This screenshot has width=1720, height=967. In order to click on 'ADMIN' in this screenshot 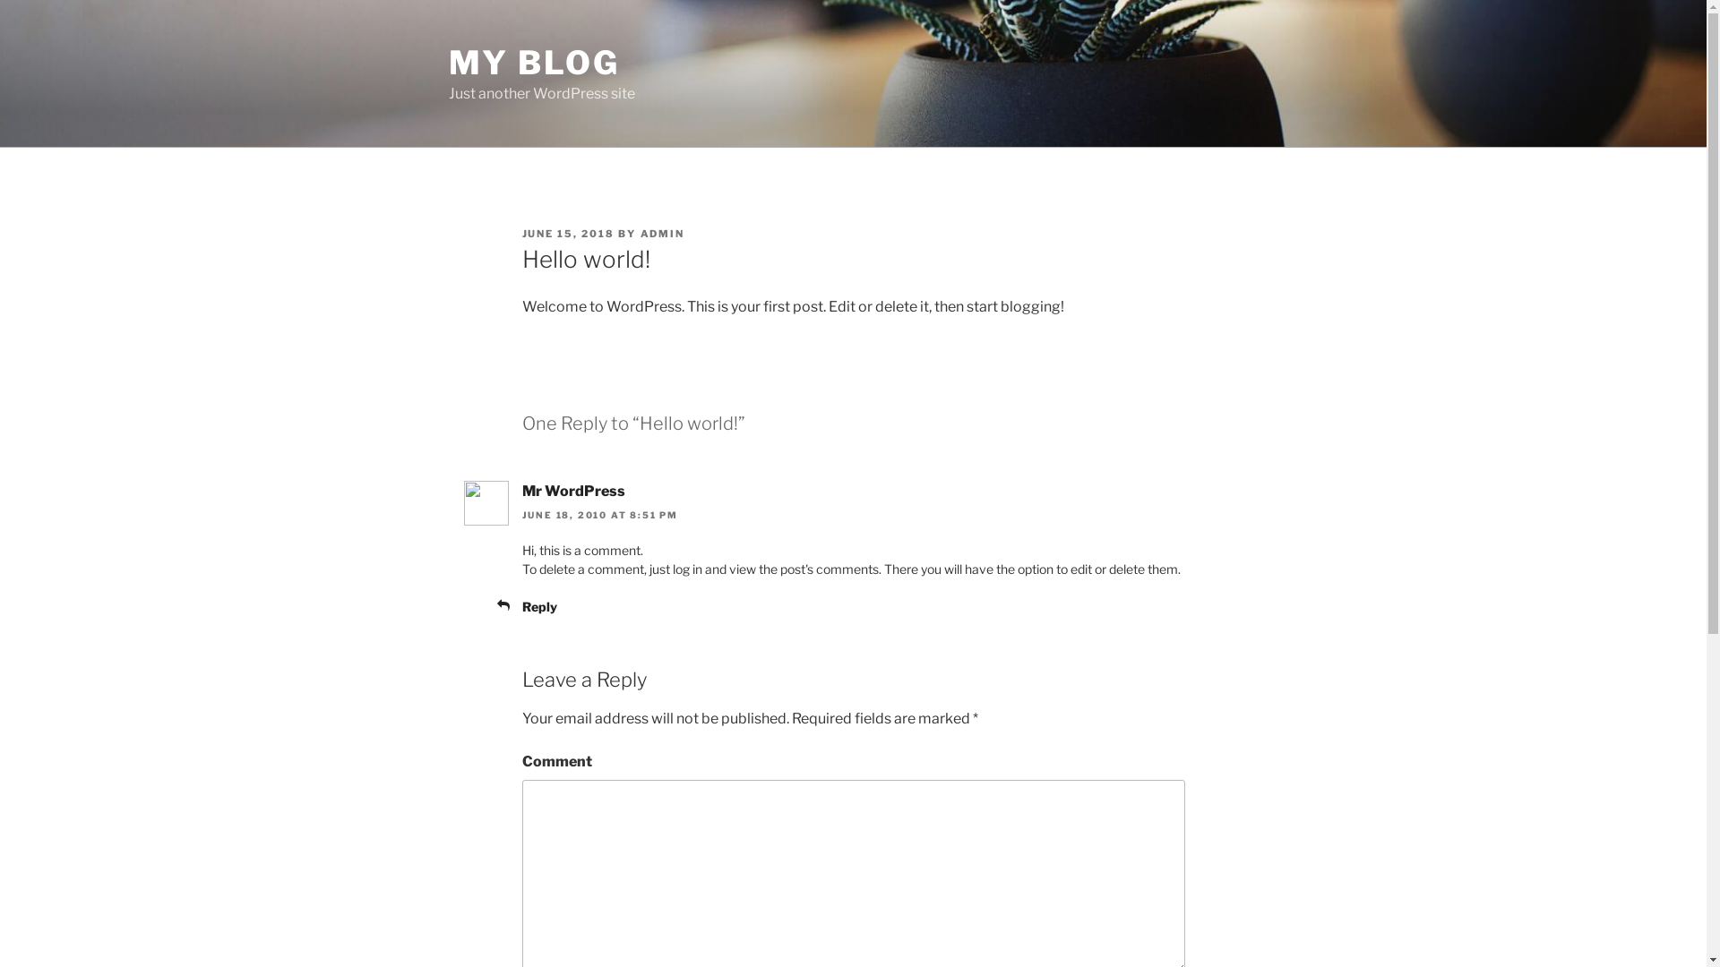, I will do `click(661, 233)`.